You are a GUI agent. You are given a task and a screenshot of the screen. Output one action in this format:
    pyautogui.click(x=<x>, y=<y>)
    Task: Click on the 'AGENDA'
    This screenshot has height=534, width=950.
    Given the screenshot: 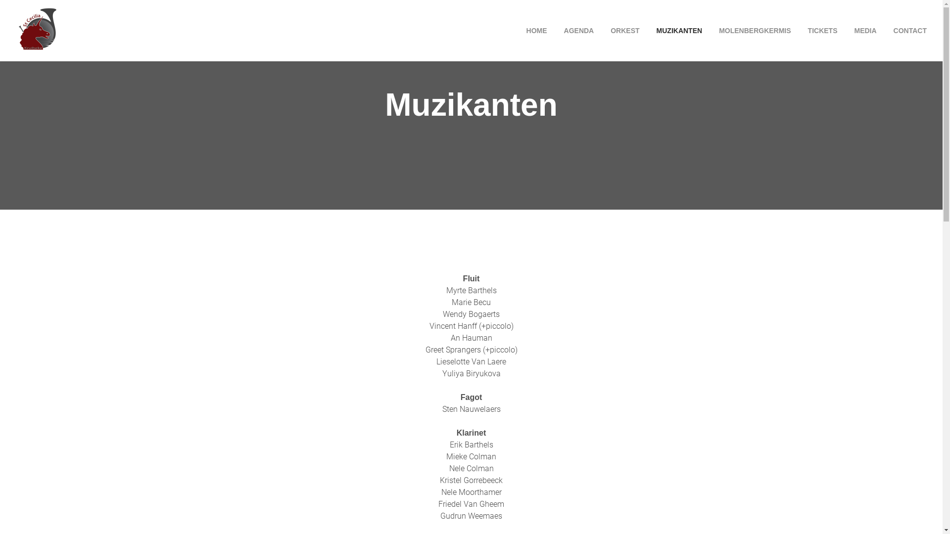 What is the action you would take?
    pyautogui.click(x=556, y=30)
    